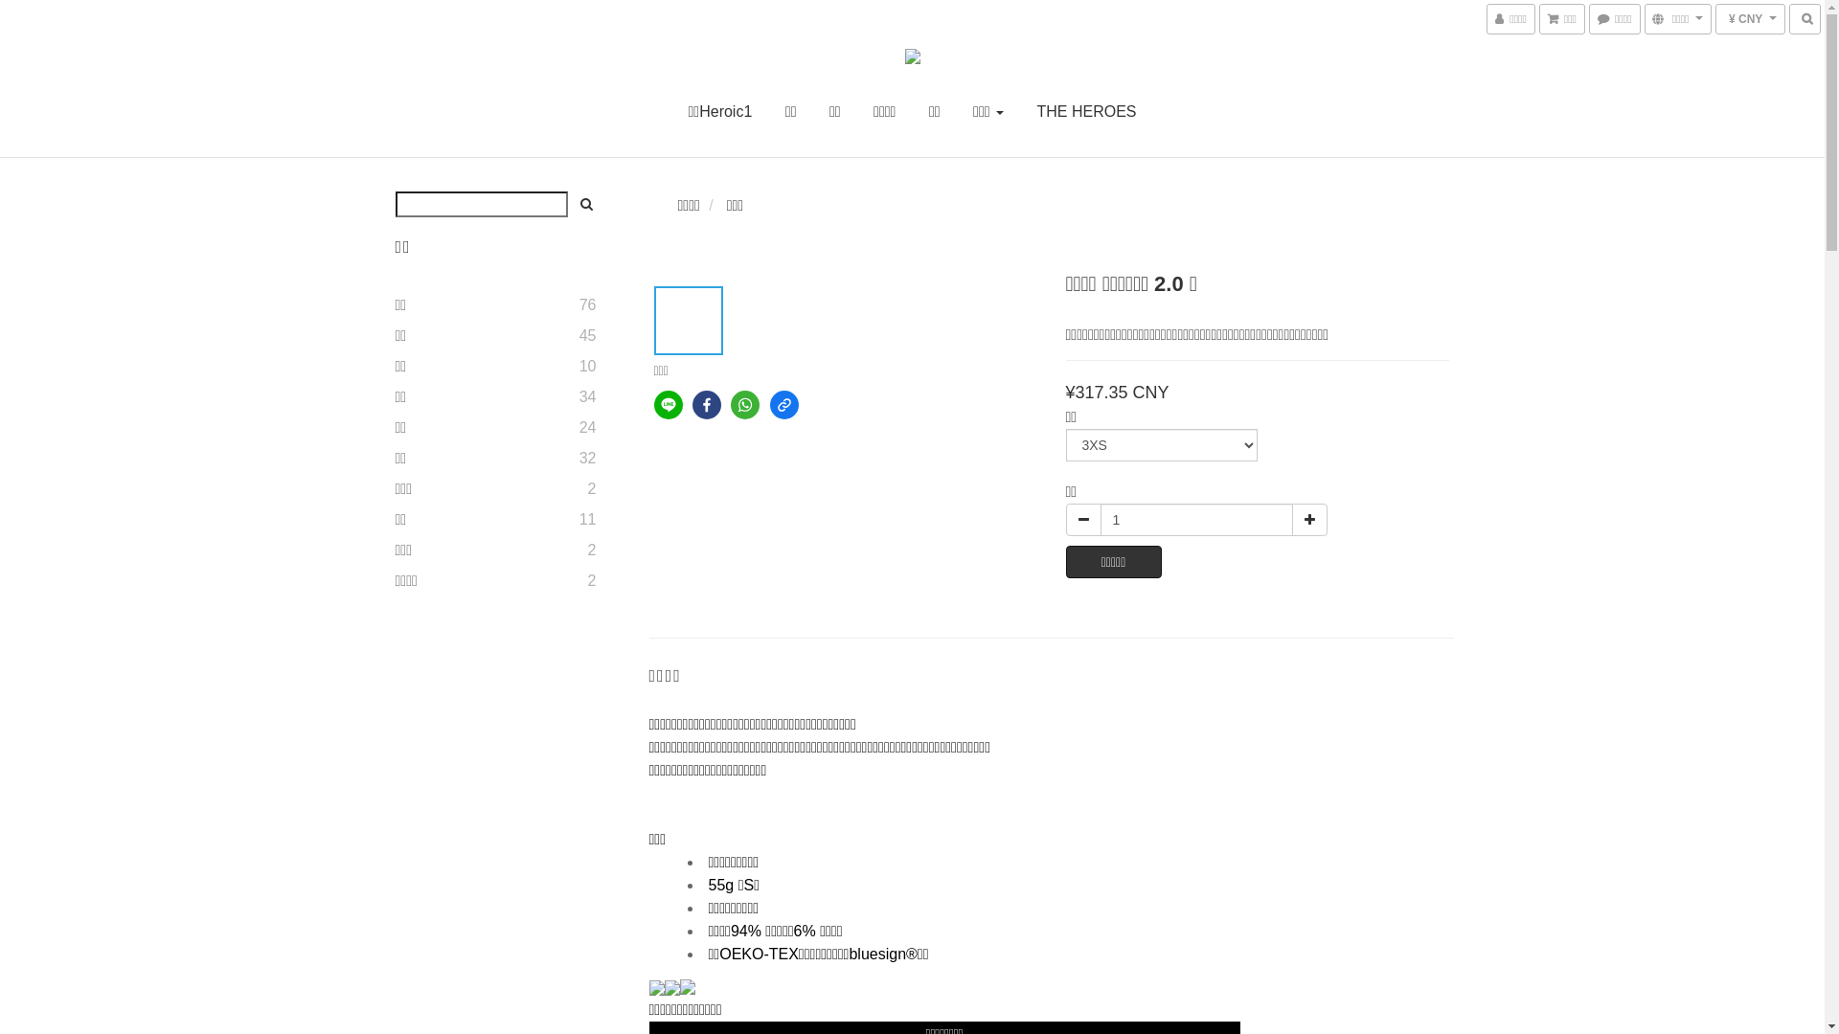  Describe the element at coordinates (1034, 111) in the screenshot. I see `'THE HEROES'` at that location.